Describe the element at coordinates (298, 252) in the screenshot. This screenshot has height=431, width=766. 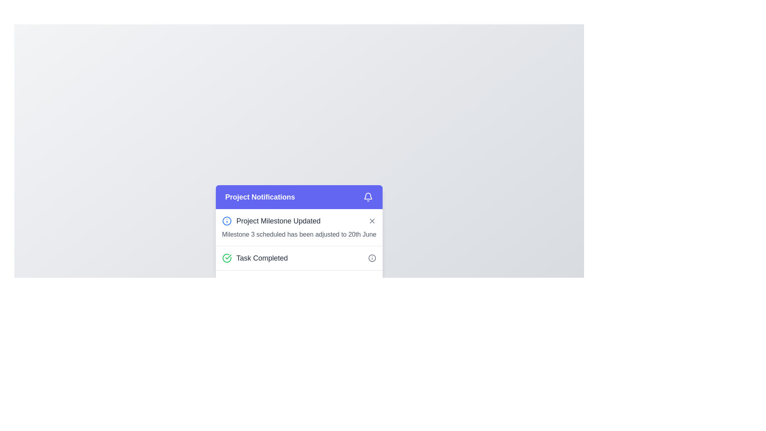
I see `the second notification item under 'Project Notifications'` at that location.